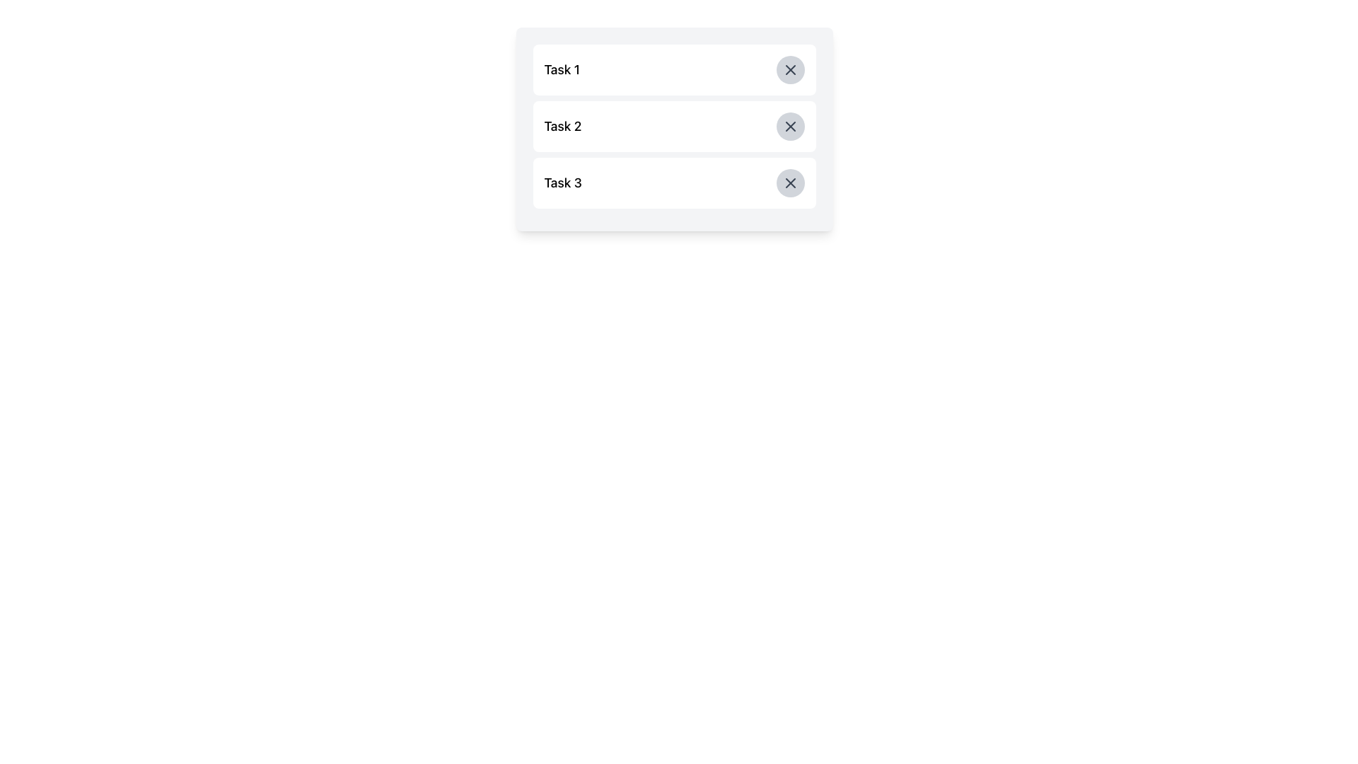 The height and width of the screenshot is (764, 1358). Describe the element at coordinates (561, 70) in the screenshot. I see `text content of the first task item label, which serves as an identifier located at the top-left corner of the card structure` at that location.